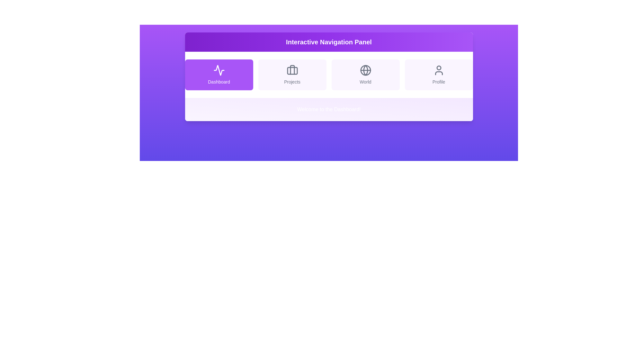 The height and width of the screenshot is (347, 617). What do you see at coordinates (219, 70) in the screenshot?
I see `the 'Dashboard' SVG icon in the navigation panel` at bounding box center [219, 70].